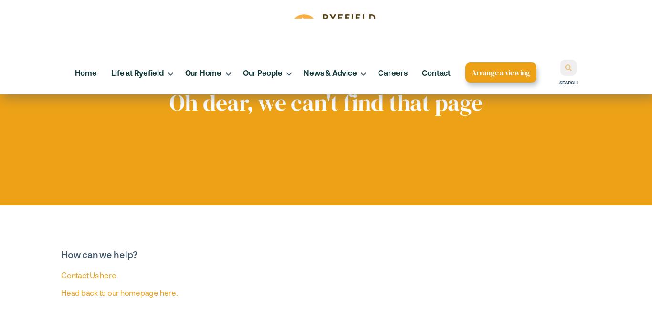  I want to click on 'Our People', so click(262, 72).